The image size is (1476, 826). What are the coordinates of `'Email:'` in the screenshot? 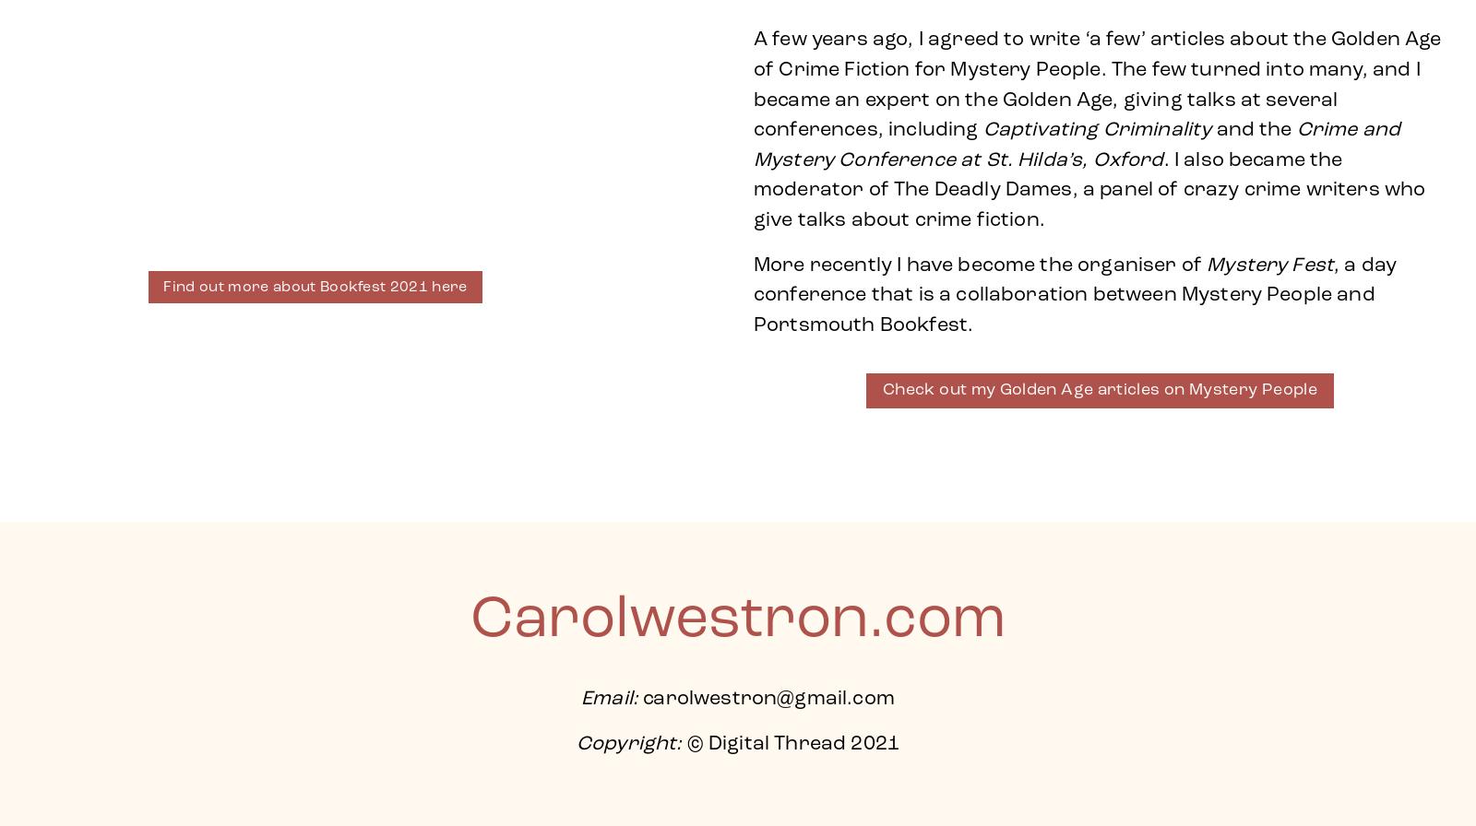 It's located at (609, 699).